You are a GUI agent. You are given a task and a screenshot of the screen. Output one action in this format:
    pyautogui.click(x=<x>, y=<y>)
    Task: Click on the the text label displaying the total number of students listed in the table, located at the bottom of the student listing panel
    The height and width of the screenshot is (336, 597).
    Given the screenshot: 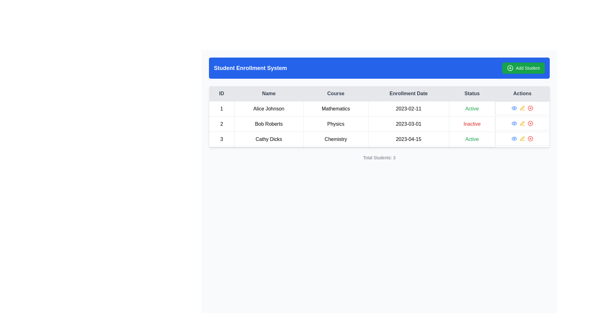 What is the action you would take?
    pyautogui.click(x=379, y=157)
    